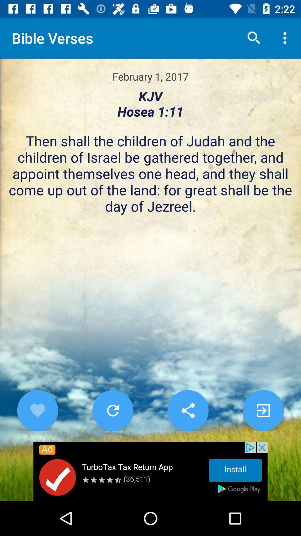  I want to click on refresh, so click(113, 410).